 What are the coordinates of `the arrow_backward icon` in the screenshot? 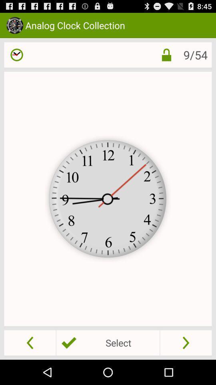 It's located at (30, 367).